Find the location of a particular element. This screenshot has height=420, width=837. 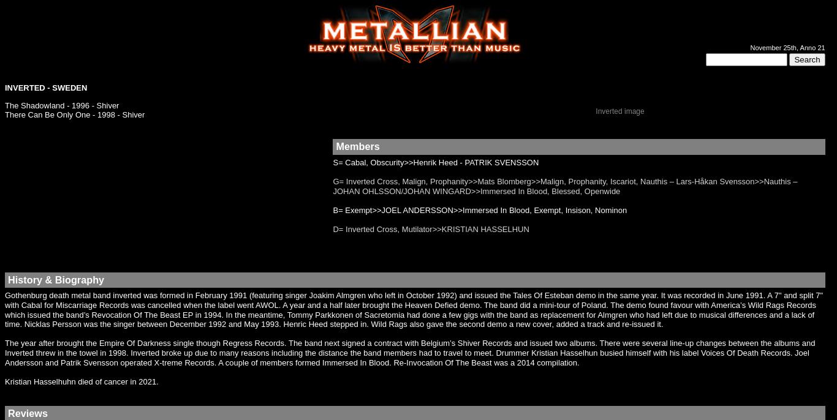

'Reviews' is located at coordinates (28, 412).